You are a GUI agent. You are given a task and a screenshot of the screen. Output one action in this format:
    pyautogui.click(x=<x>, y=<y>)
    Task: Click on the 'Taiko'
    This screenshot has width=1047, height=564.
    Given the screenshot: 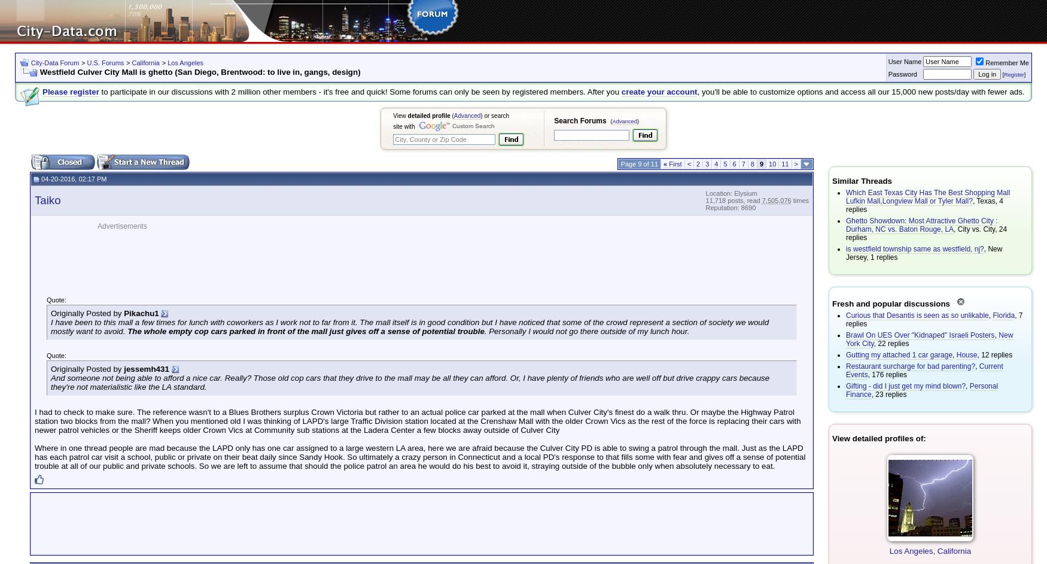 What is the action you would take?
    pyautogui.click(x=34, y=199)
    